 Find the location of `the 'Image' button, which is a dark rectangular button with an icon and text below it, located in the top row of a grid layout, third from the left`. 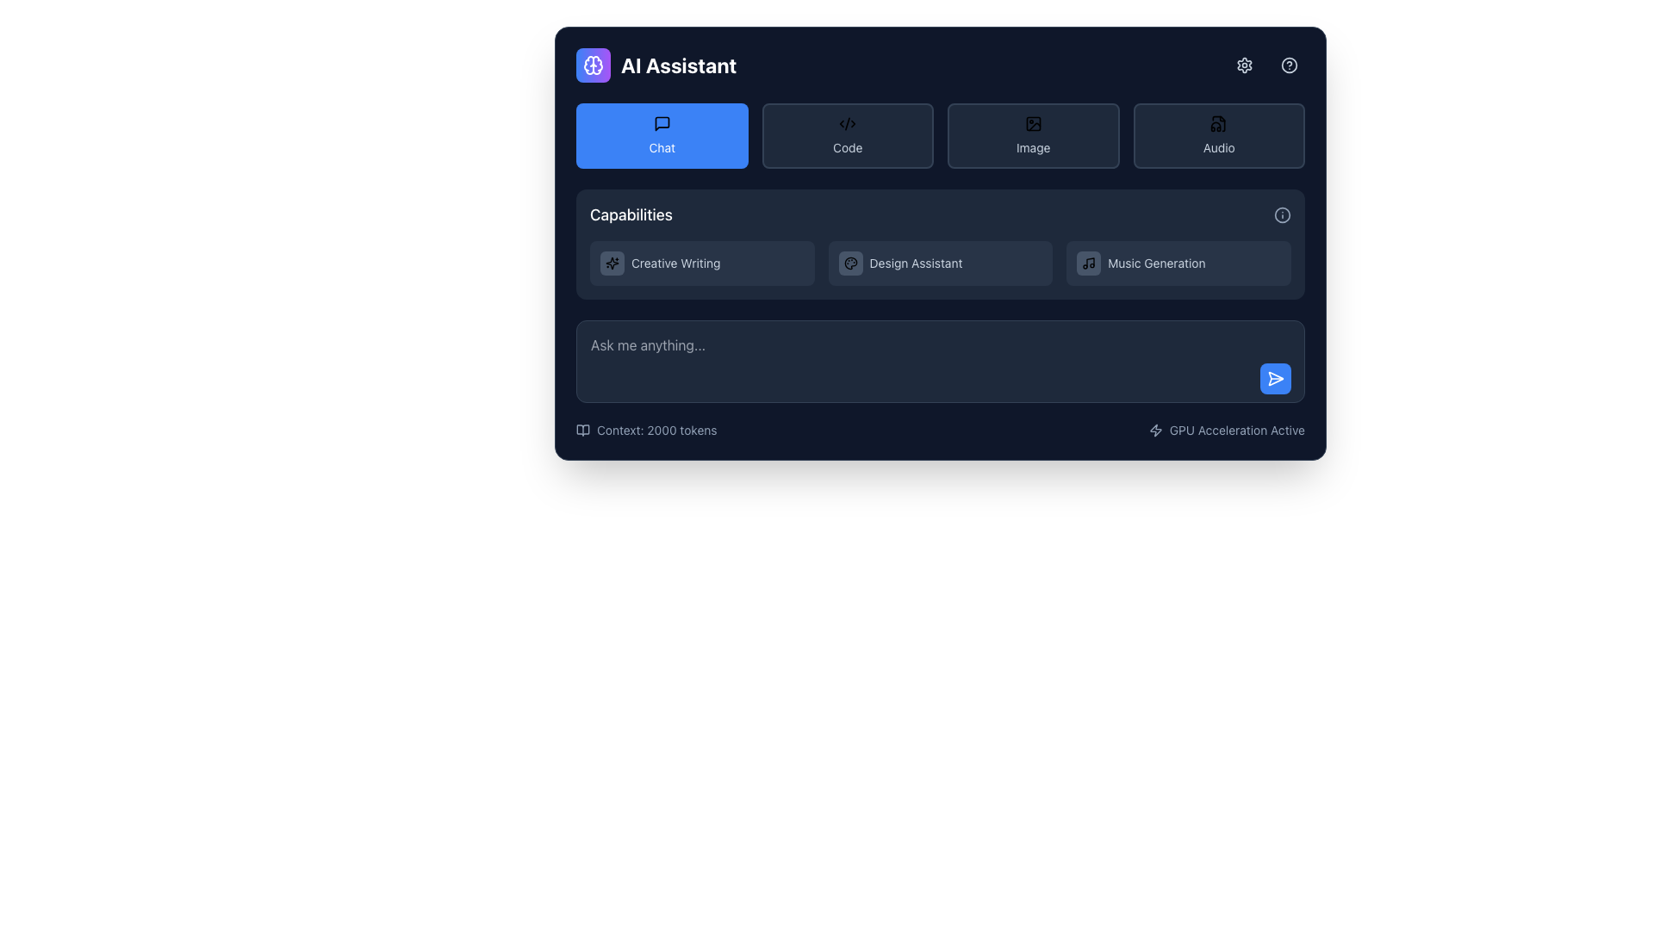

the 'Image' button, which is a dark rectangular button with an icon and text below it, located in the top row of a grid layout, third from the left is located at coordinates (1033, 135).